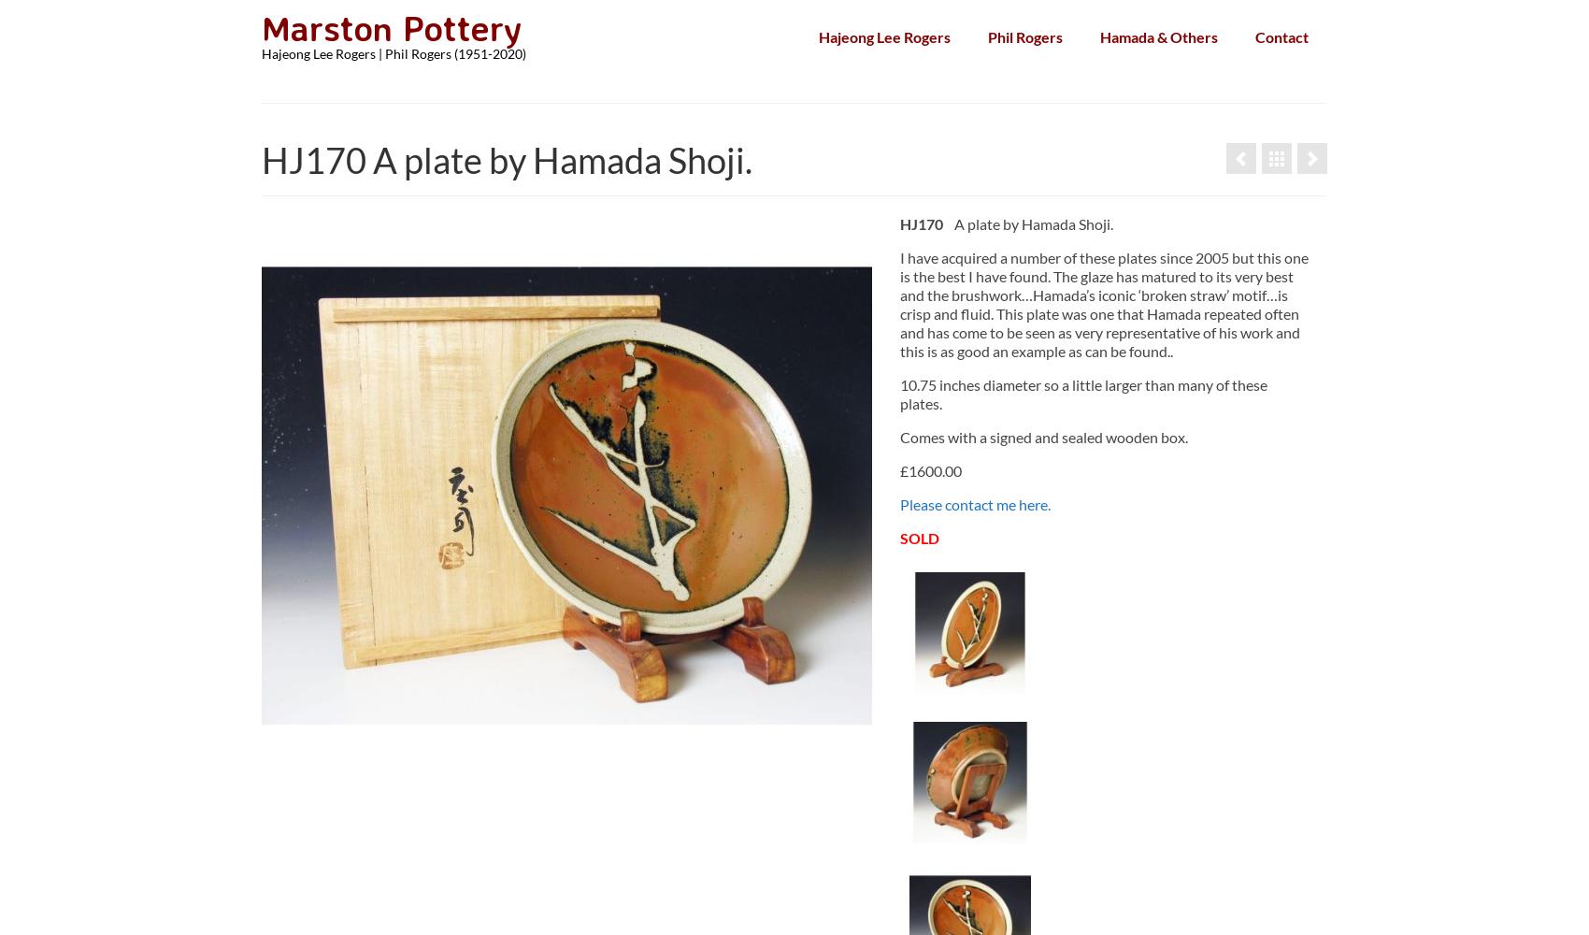  I want to click on 'Contact', so click(1281, 36).